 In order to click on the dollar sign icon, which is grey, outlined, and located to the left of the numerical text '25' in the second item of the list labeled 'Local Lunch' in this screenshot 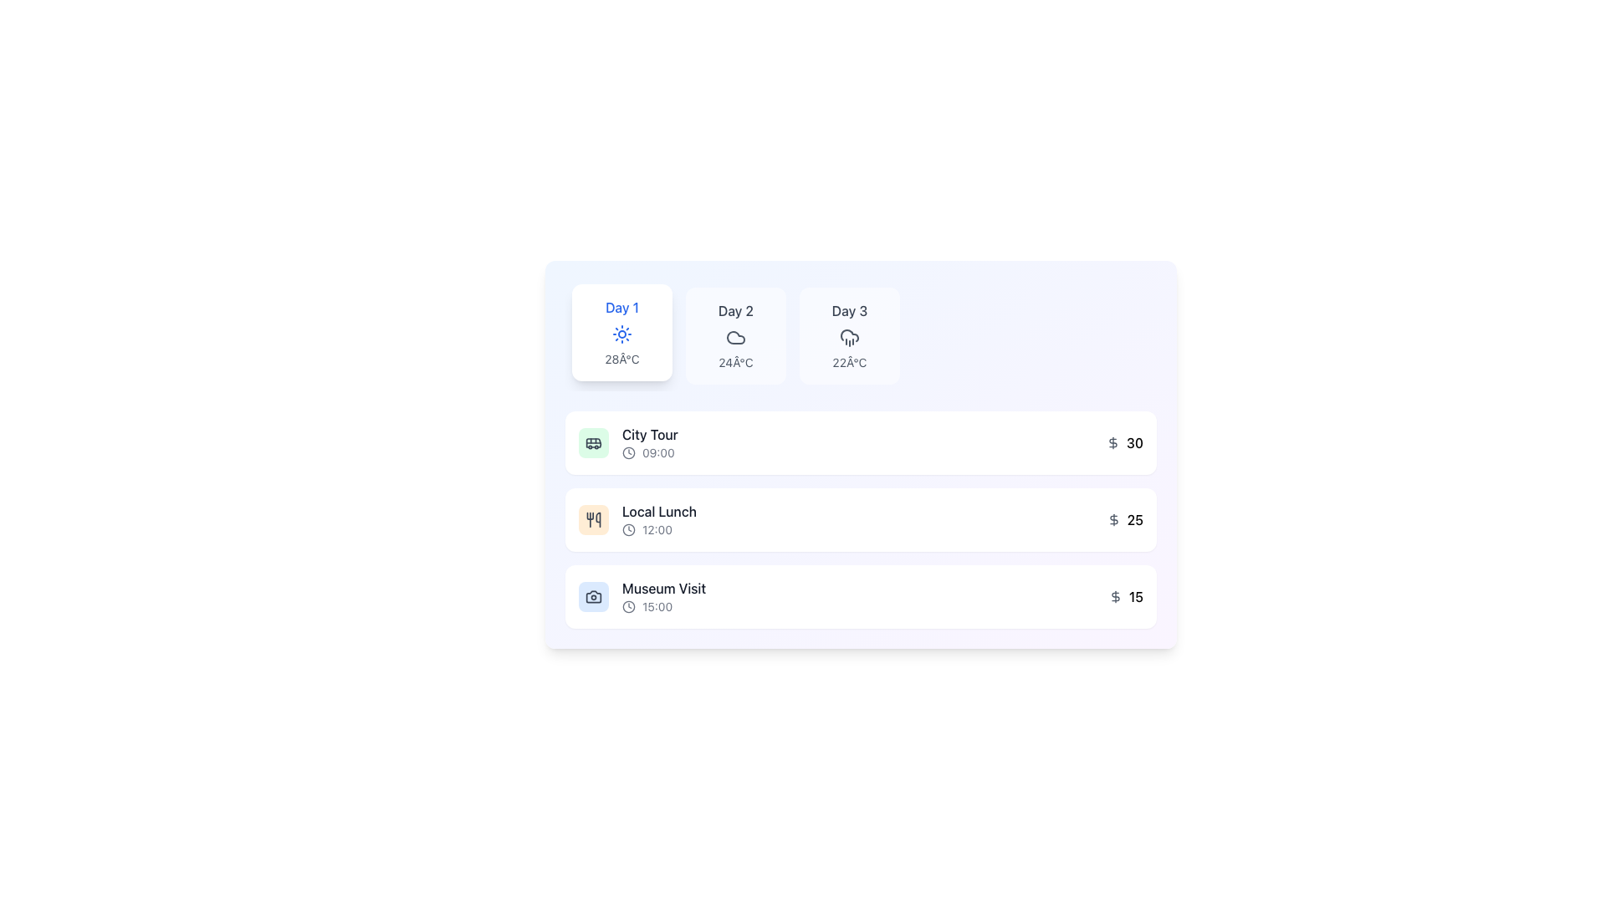, I will do `click(1113, 518)`.